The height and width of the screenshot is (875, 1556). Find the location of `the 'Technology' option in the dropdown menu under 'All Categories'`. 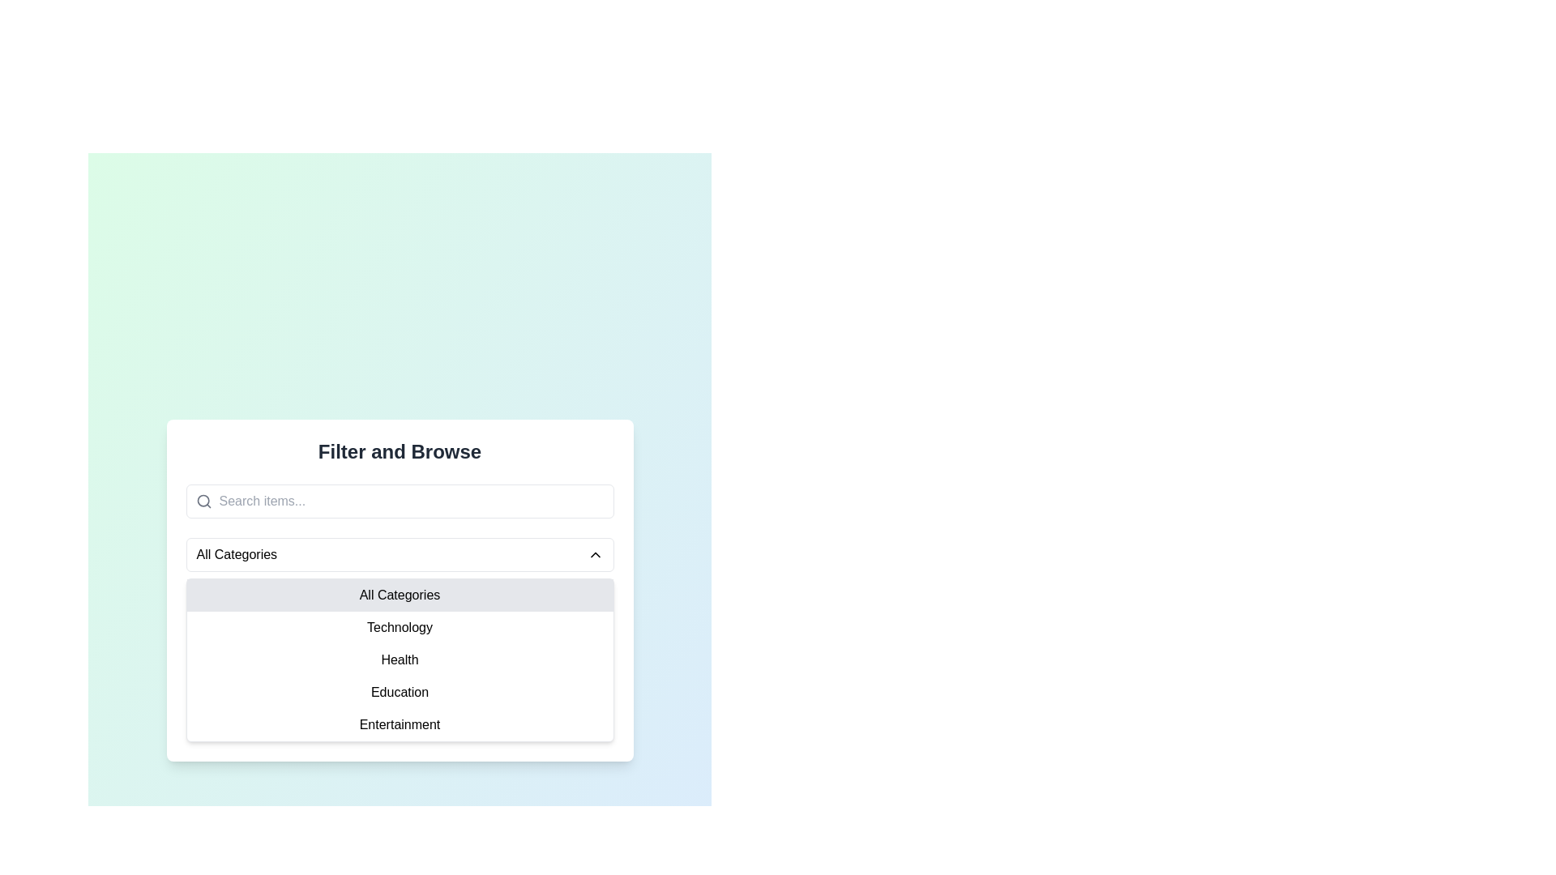

the 'Technology' option in the dropdown menu under 'All Categories' is located at coordinates (400, 639).